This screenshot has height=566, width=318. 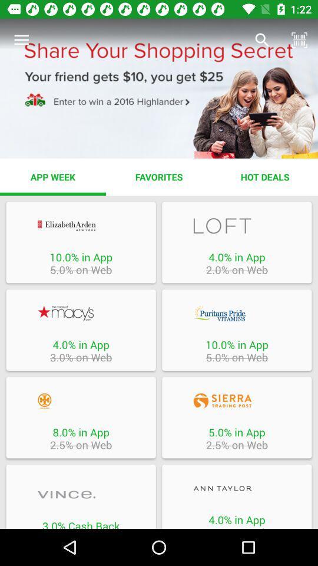 I want to click on coupon, so click(x=80, y=495).